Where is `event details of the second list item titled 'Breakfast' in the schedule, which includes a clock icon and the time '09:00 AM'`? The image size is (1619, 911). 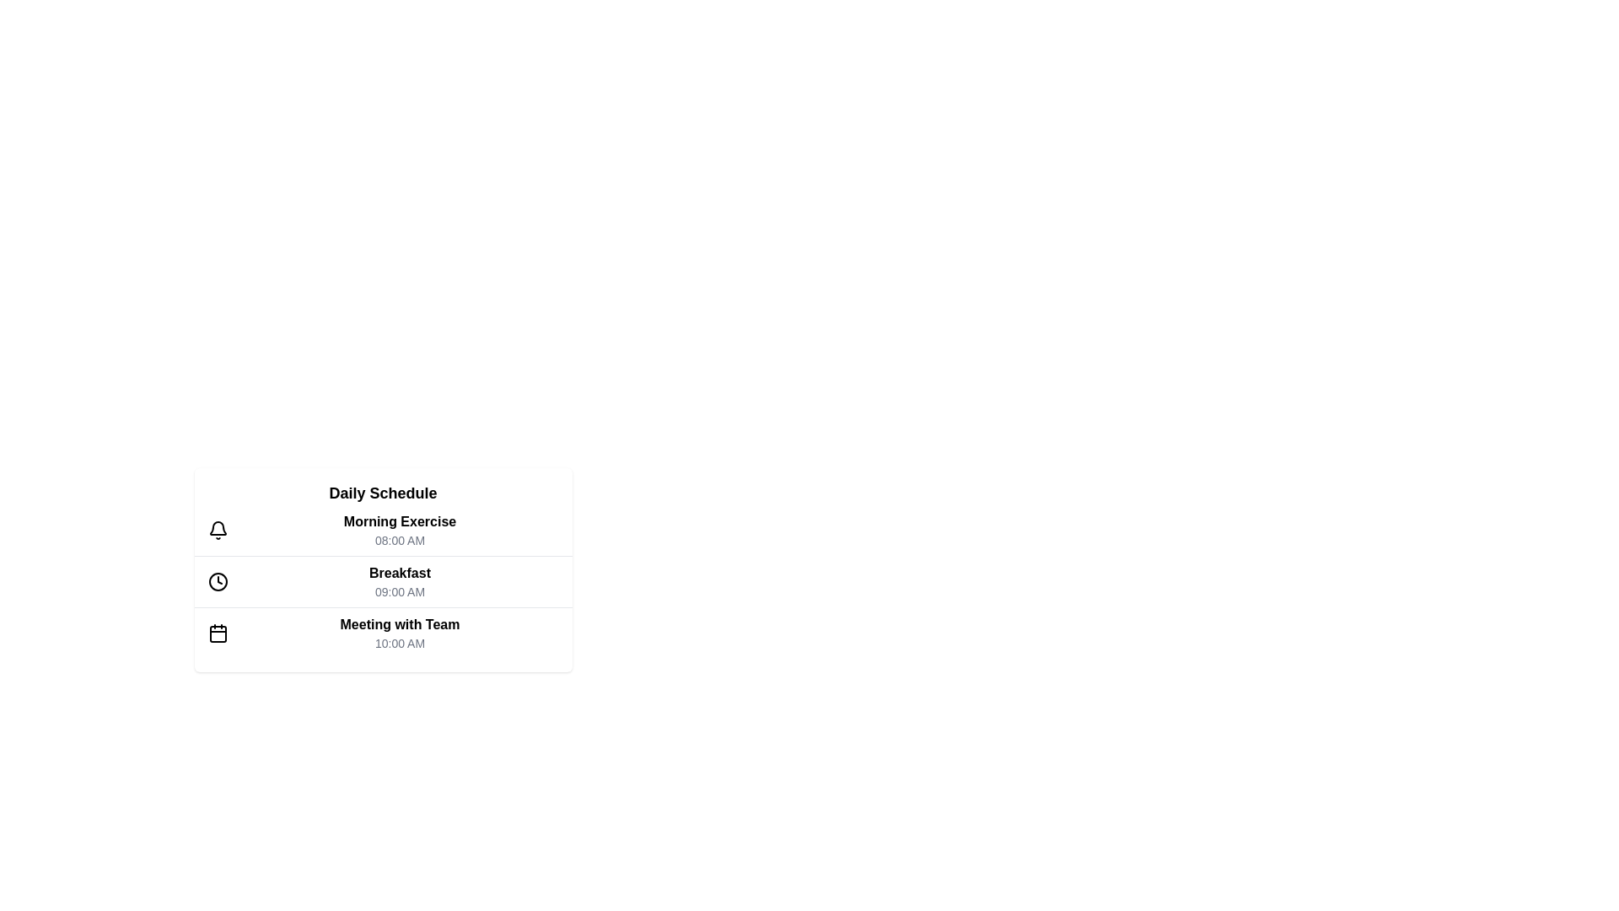 event details of the second list item titled 'Breakfast' in the schedule, which includes a clock icon and the time '09:00 AM' is located at coordinates (382, 580).